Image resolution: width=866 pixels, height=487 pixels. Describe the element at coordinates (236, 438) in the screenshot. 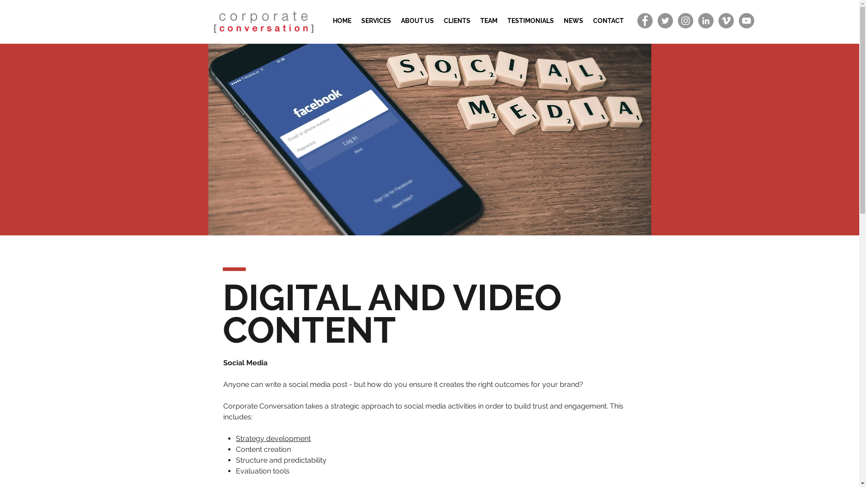

I see `'Strategy development'` at that location.